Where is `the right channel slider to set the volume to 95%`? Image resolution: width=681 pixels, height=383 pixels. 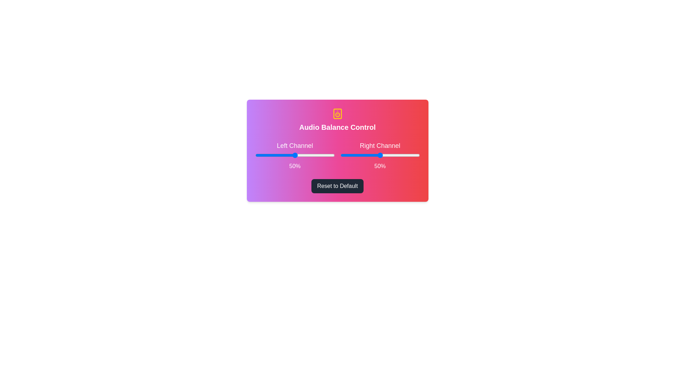 the right channel slider to set the volume to 95% is located at coordinates (416, 155).